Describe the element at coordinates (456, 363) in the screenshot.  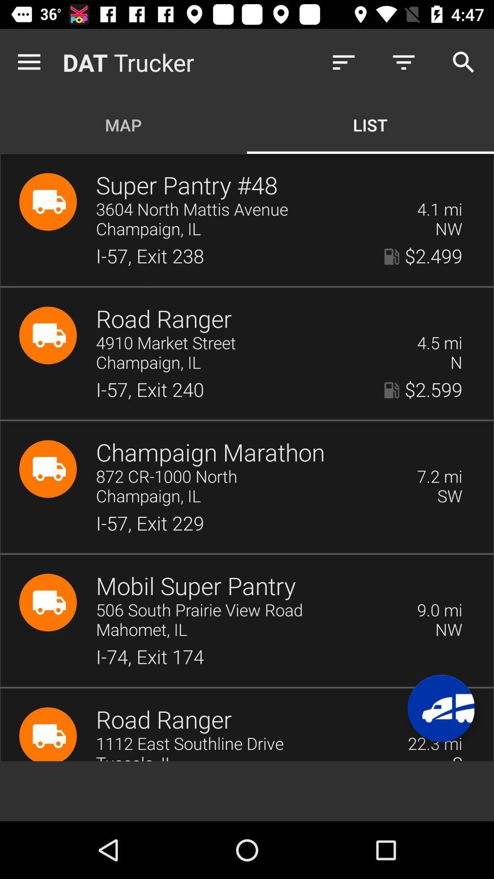
I see `n` at that location.